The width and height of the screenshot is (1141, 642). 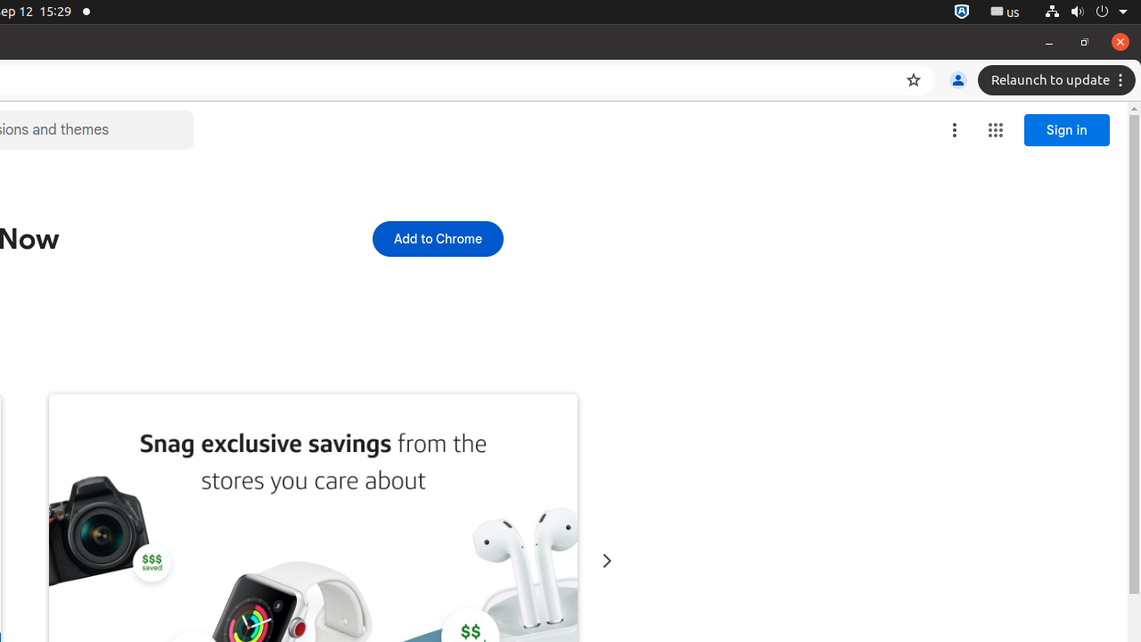 I want to click on ':1.21/StatusNotifierItem', so click(x=1005, y=12).